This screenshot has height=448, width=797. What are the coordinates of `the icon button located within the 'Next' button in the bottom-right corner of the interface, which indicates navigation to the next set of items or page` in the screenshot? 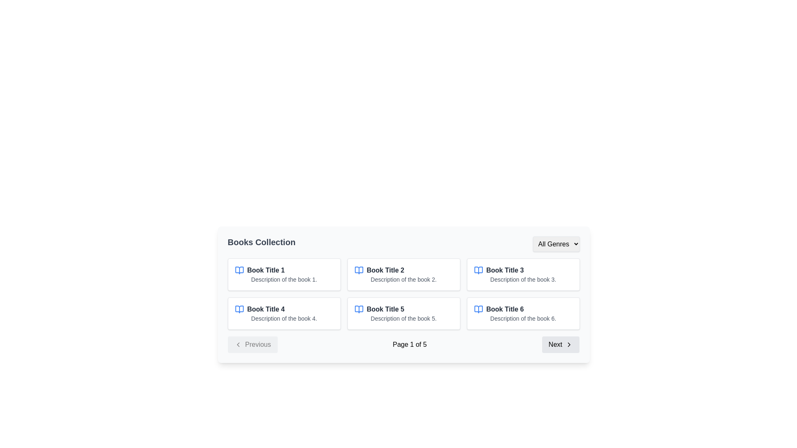 It's located at (569, 344).